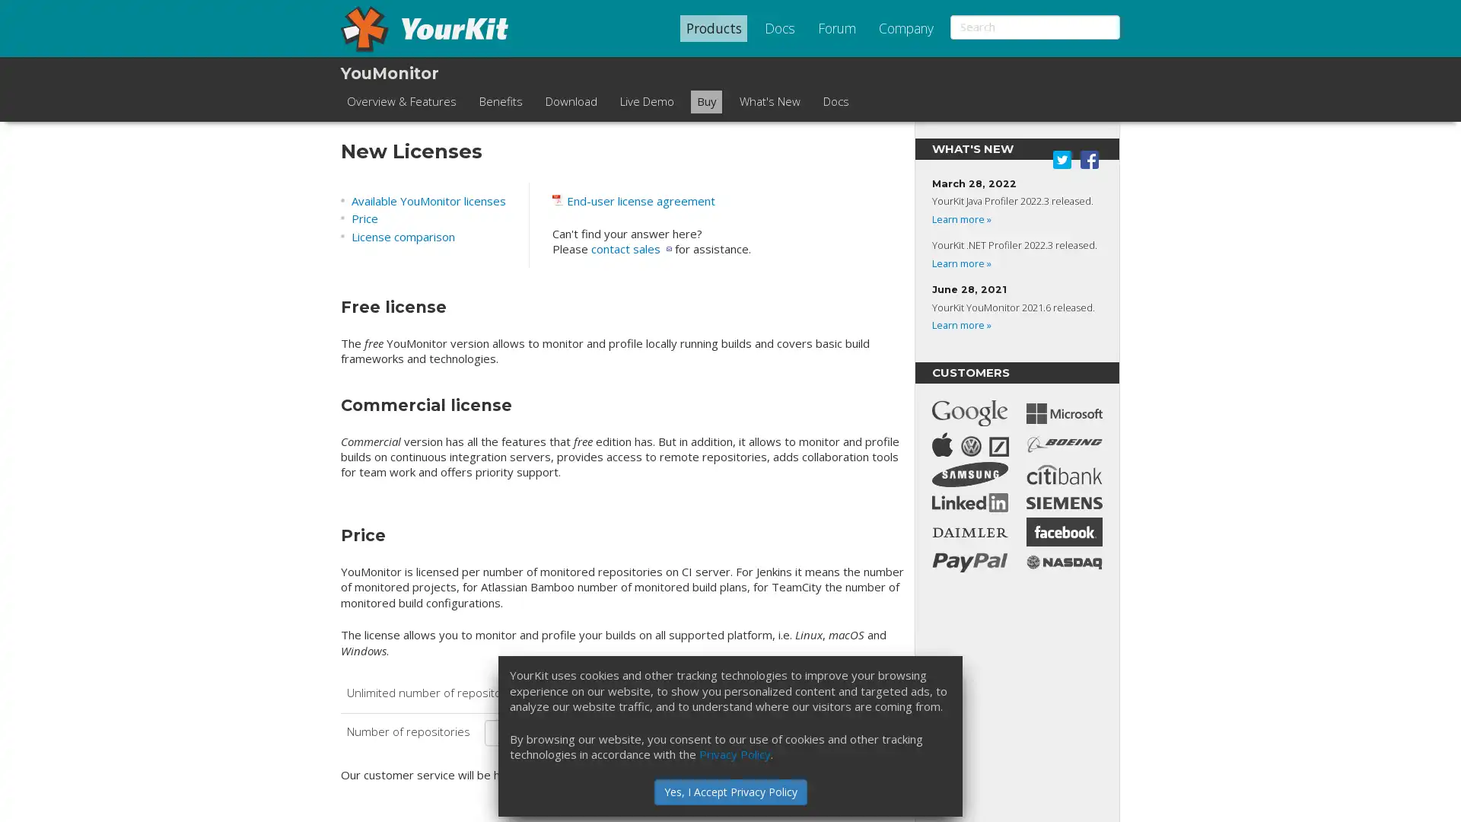  Describe the element at coordinates (857, 732) in the screenshot. I see `Buy Now` at that location.